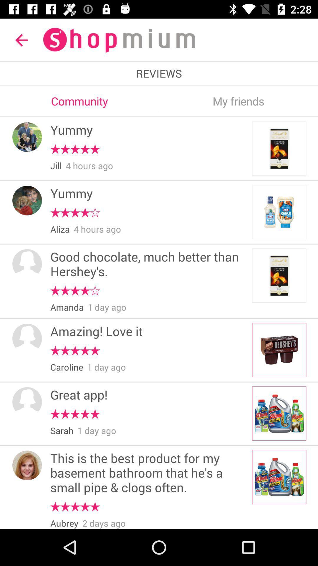 The width and height of the screenshot is (318, 566). I want to click on the item below the aliza item, so click(149, 264).